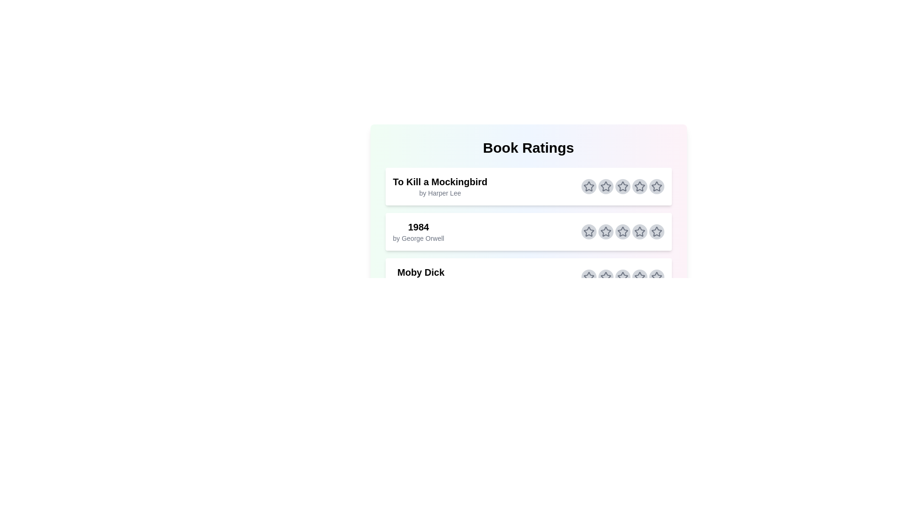 This screenshot has width=904, height=509. Describe the element at coordinates (622, 232) in the screenshot. I see `the star corresponding to 3 stars for the book titled 1984` at that location.